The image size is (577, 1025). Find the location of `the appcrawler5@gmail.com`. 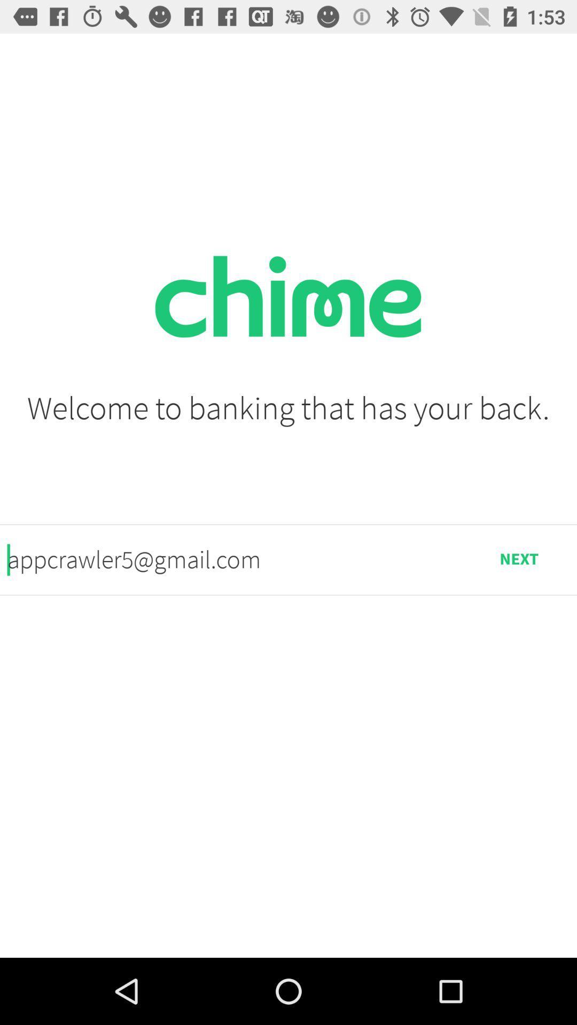

the appcrawler5@gmail.com is located at coordinates (233, 559).